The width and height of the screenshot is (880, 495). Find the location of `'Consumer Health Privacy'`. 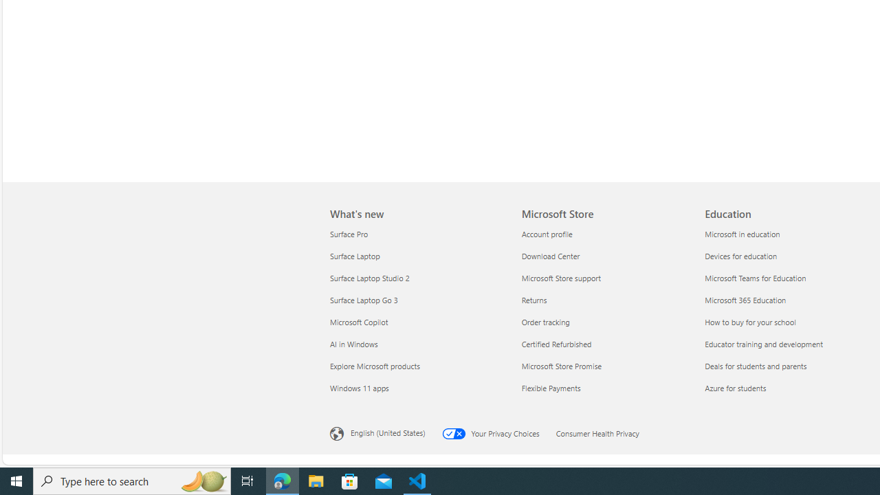

'Consumer Health Privacy' is located at coordinates (605, 431).